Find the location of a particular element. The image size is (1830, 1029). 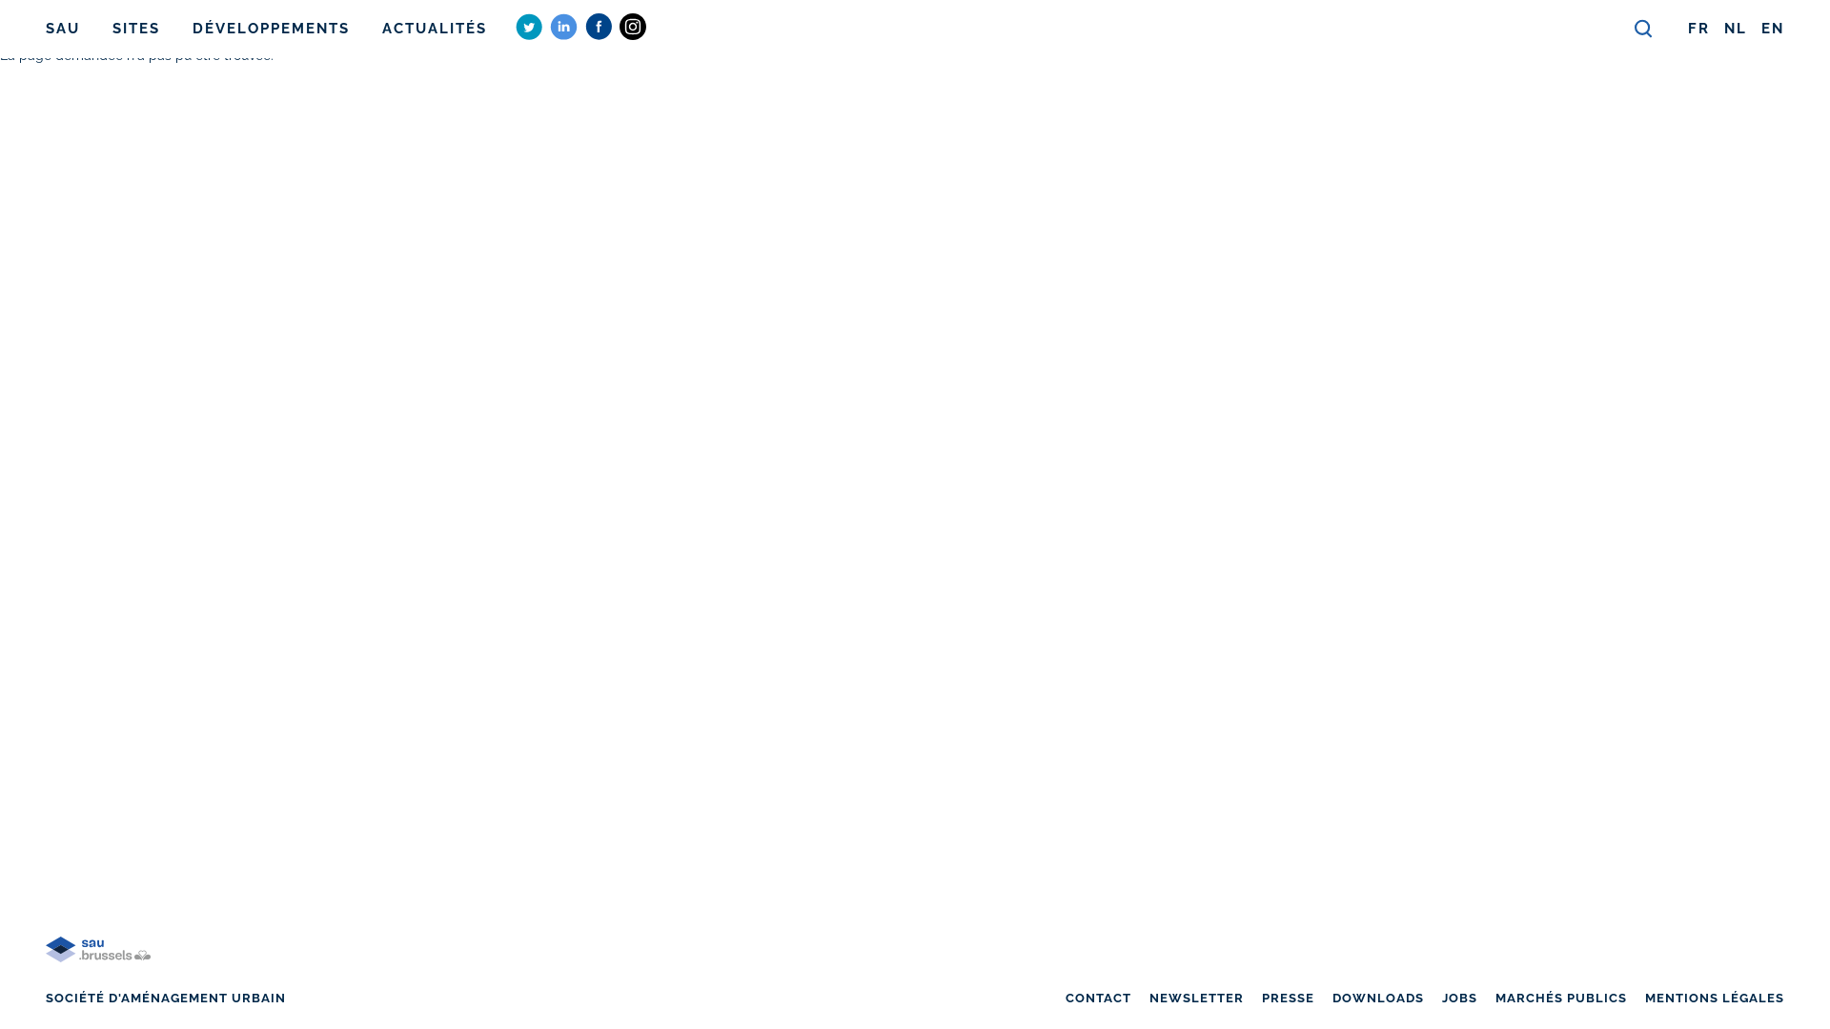

'CONTACT' is located at coordinates (1065, 997).